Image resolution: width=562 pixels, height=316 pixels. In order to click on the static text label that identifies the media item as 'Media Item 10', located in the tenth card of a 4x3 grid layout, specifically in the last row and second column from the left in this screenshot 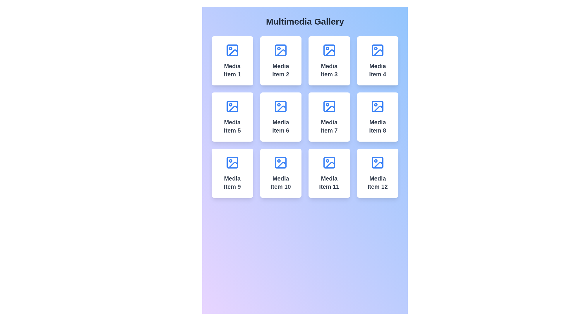, I will do `click(280, 182)`.